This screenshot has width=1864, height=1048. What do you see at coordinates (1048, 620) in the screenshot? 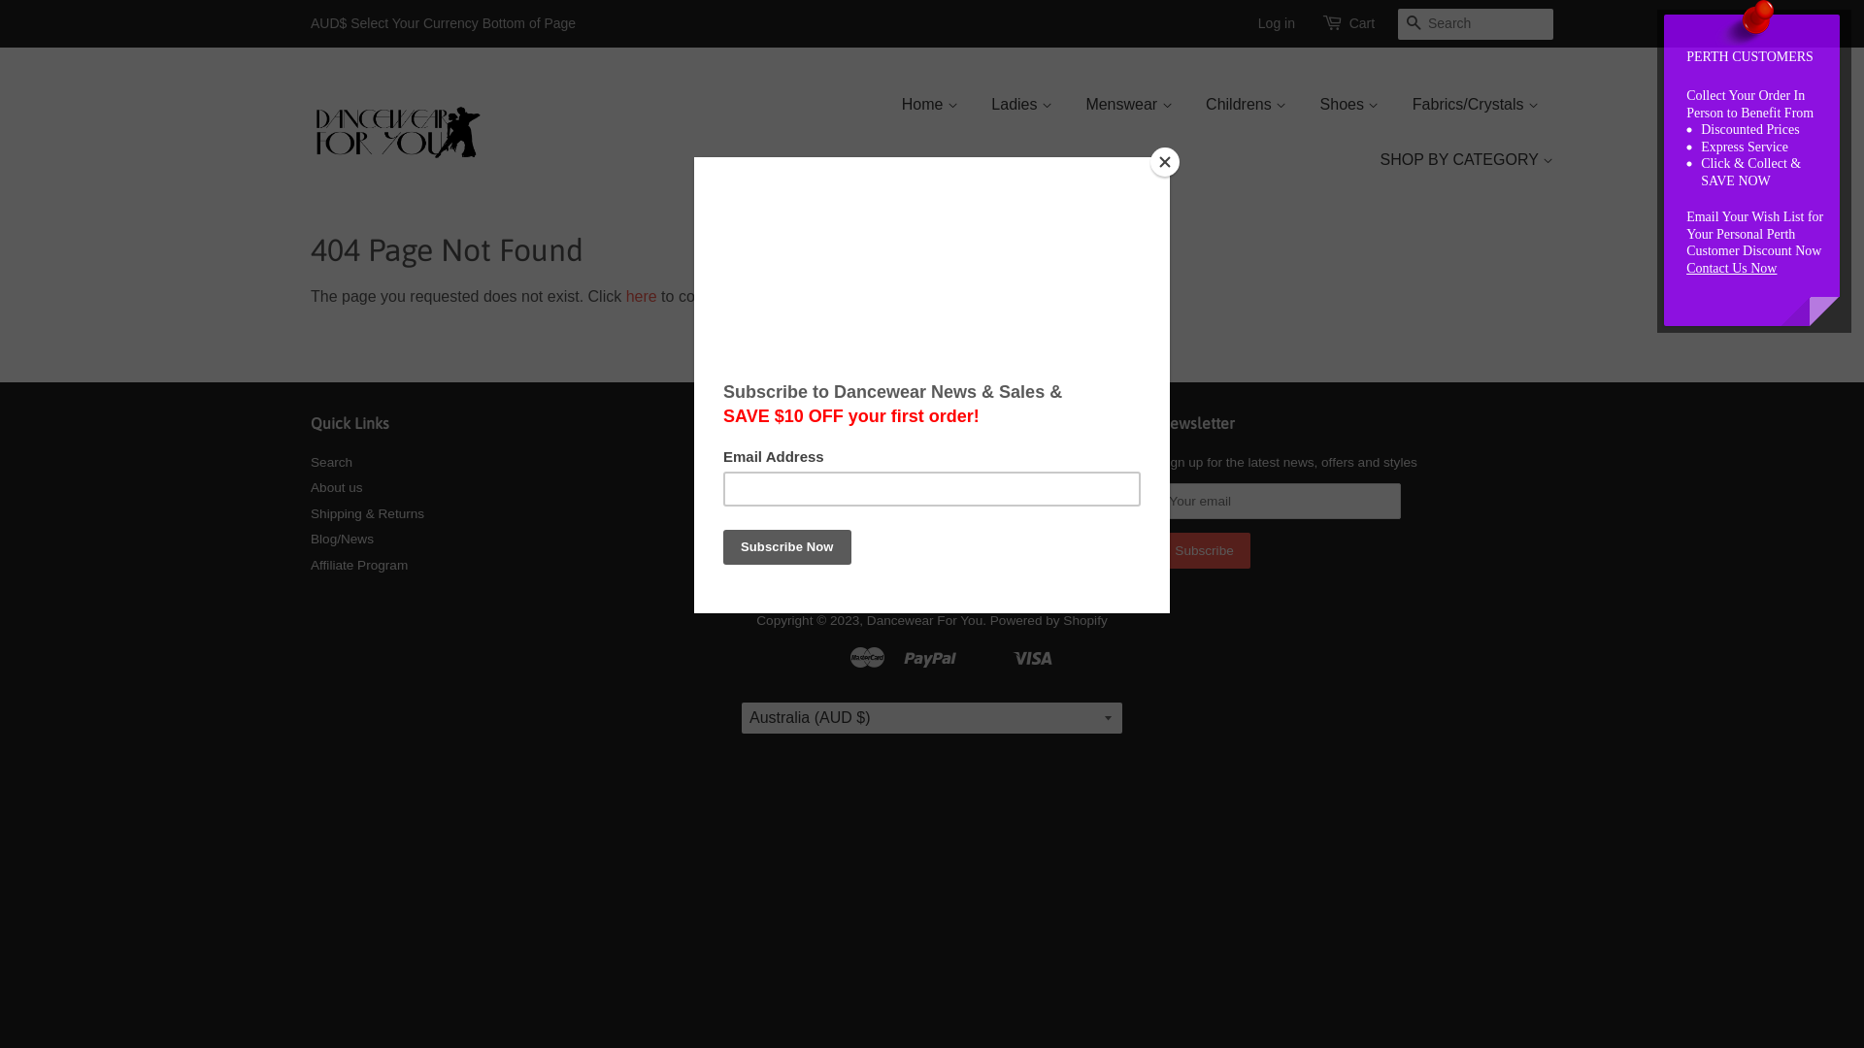
I see `'Powered by Shopify'` at bounding box center [1048, 620].